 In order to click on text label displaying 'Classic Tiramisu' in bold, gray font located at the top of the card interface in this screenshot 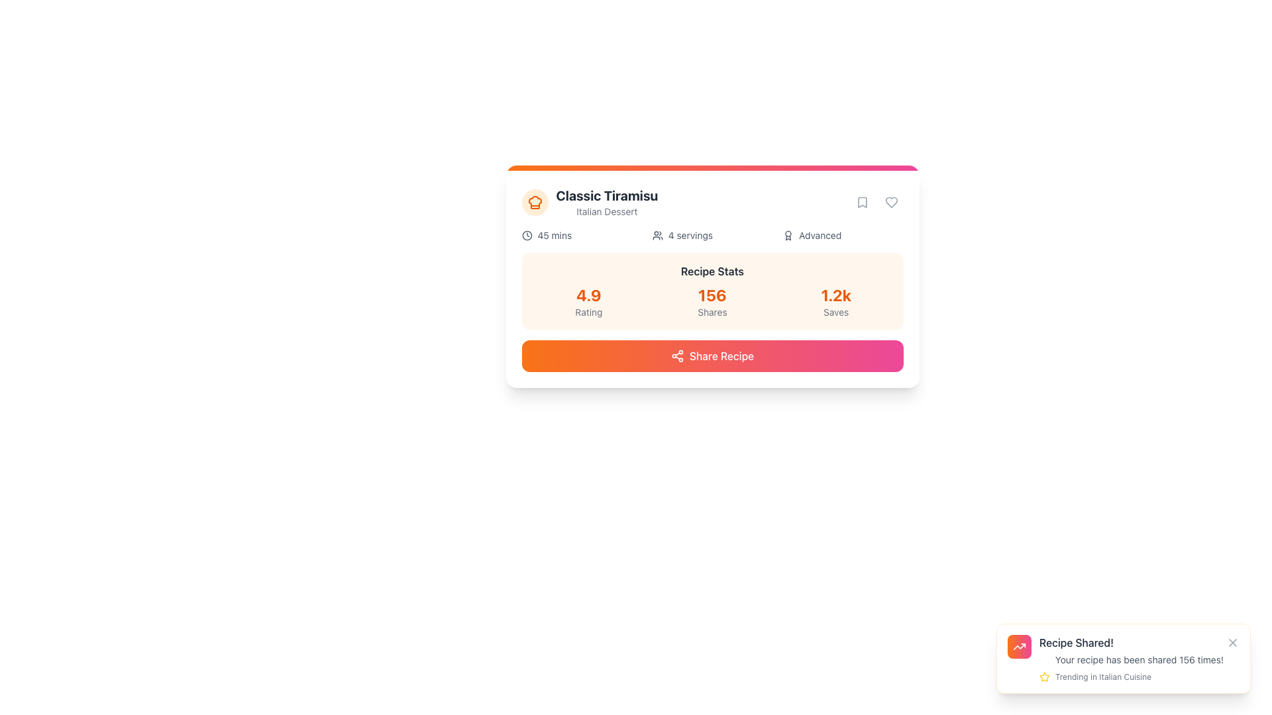, I will do `click(606, 196)`.